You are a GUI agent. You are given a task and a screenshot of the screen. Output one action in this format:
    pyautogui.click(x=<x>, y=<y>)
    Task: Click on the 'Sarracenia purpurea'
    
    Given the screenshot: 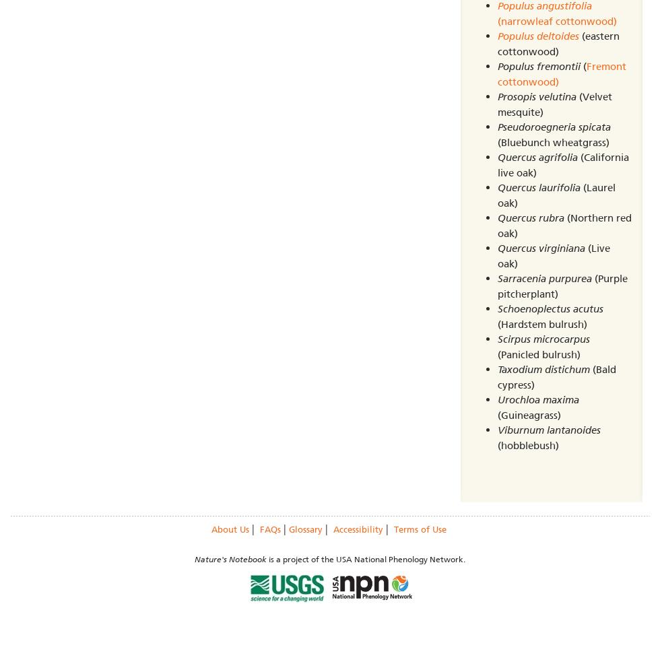 What is the action you would take?
    pyautogui.click(x=497, y=279)
    